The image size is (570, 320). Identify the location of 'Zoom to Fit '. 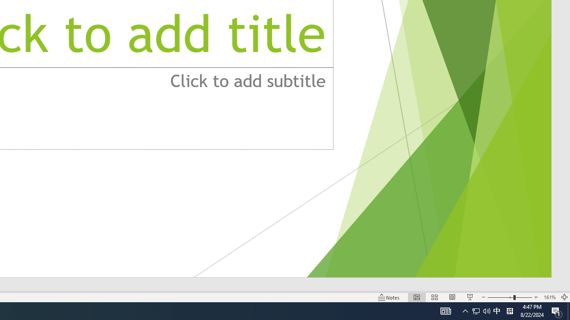
(564, 297).